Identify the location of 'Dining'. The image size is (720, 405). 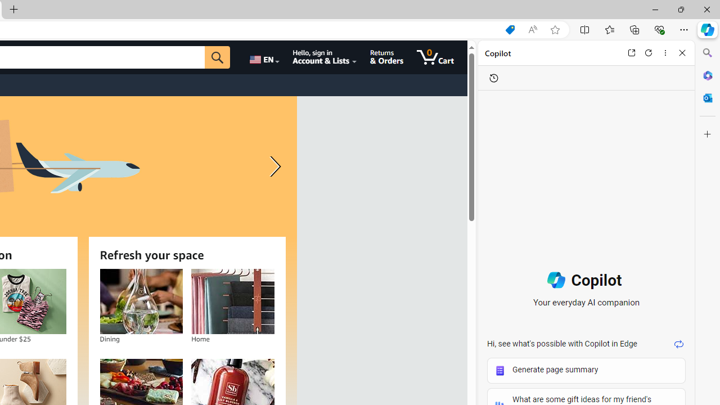
(140, 301).